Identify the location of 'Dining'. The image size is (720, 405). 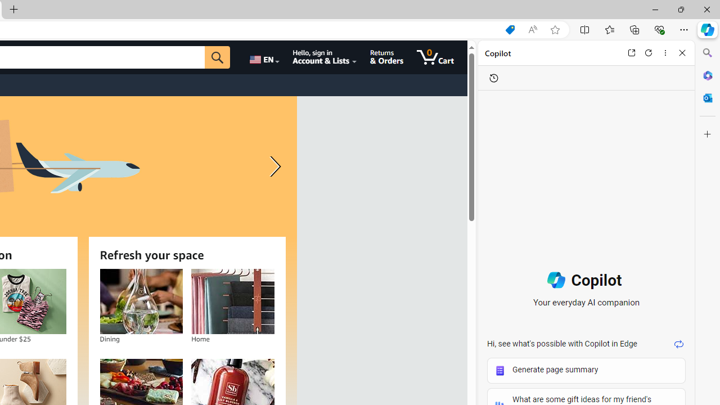
(140, 301).